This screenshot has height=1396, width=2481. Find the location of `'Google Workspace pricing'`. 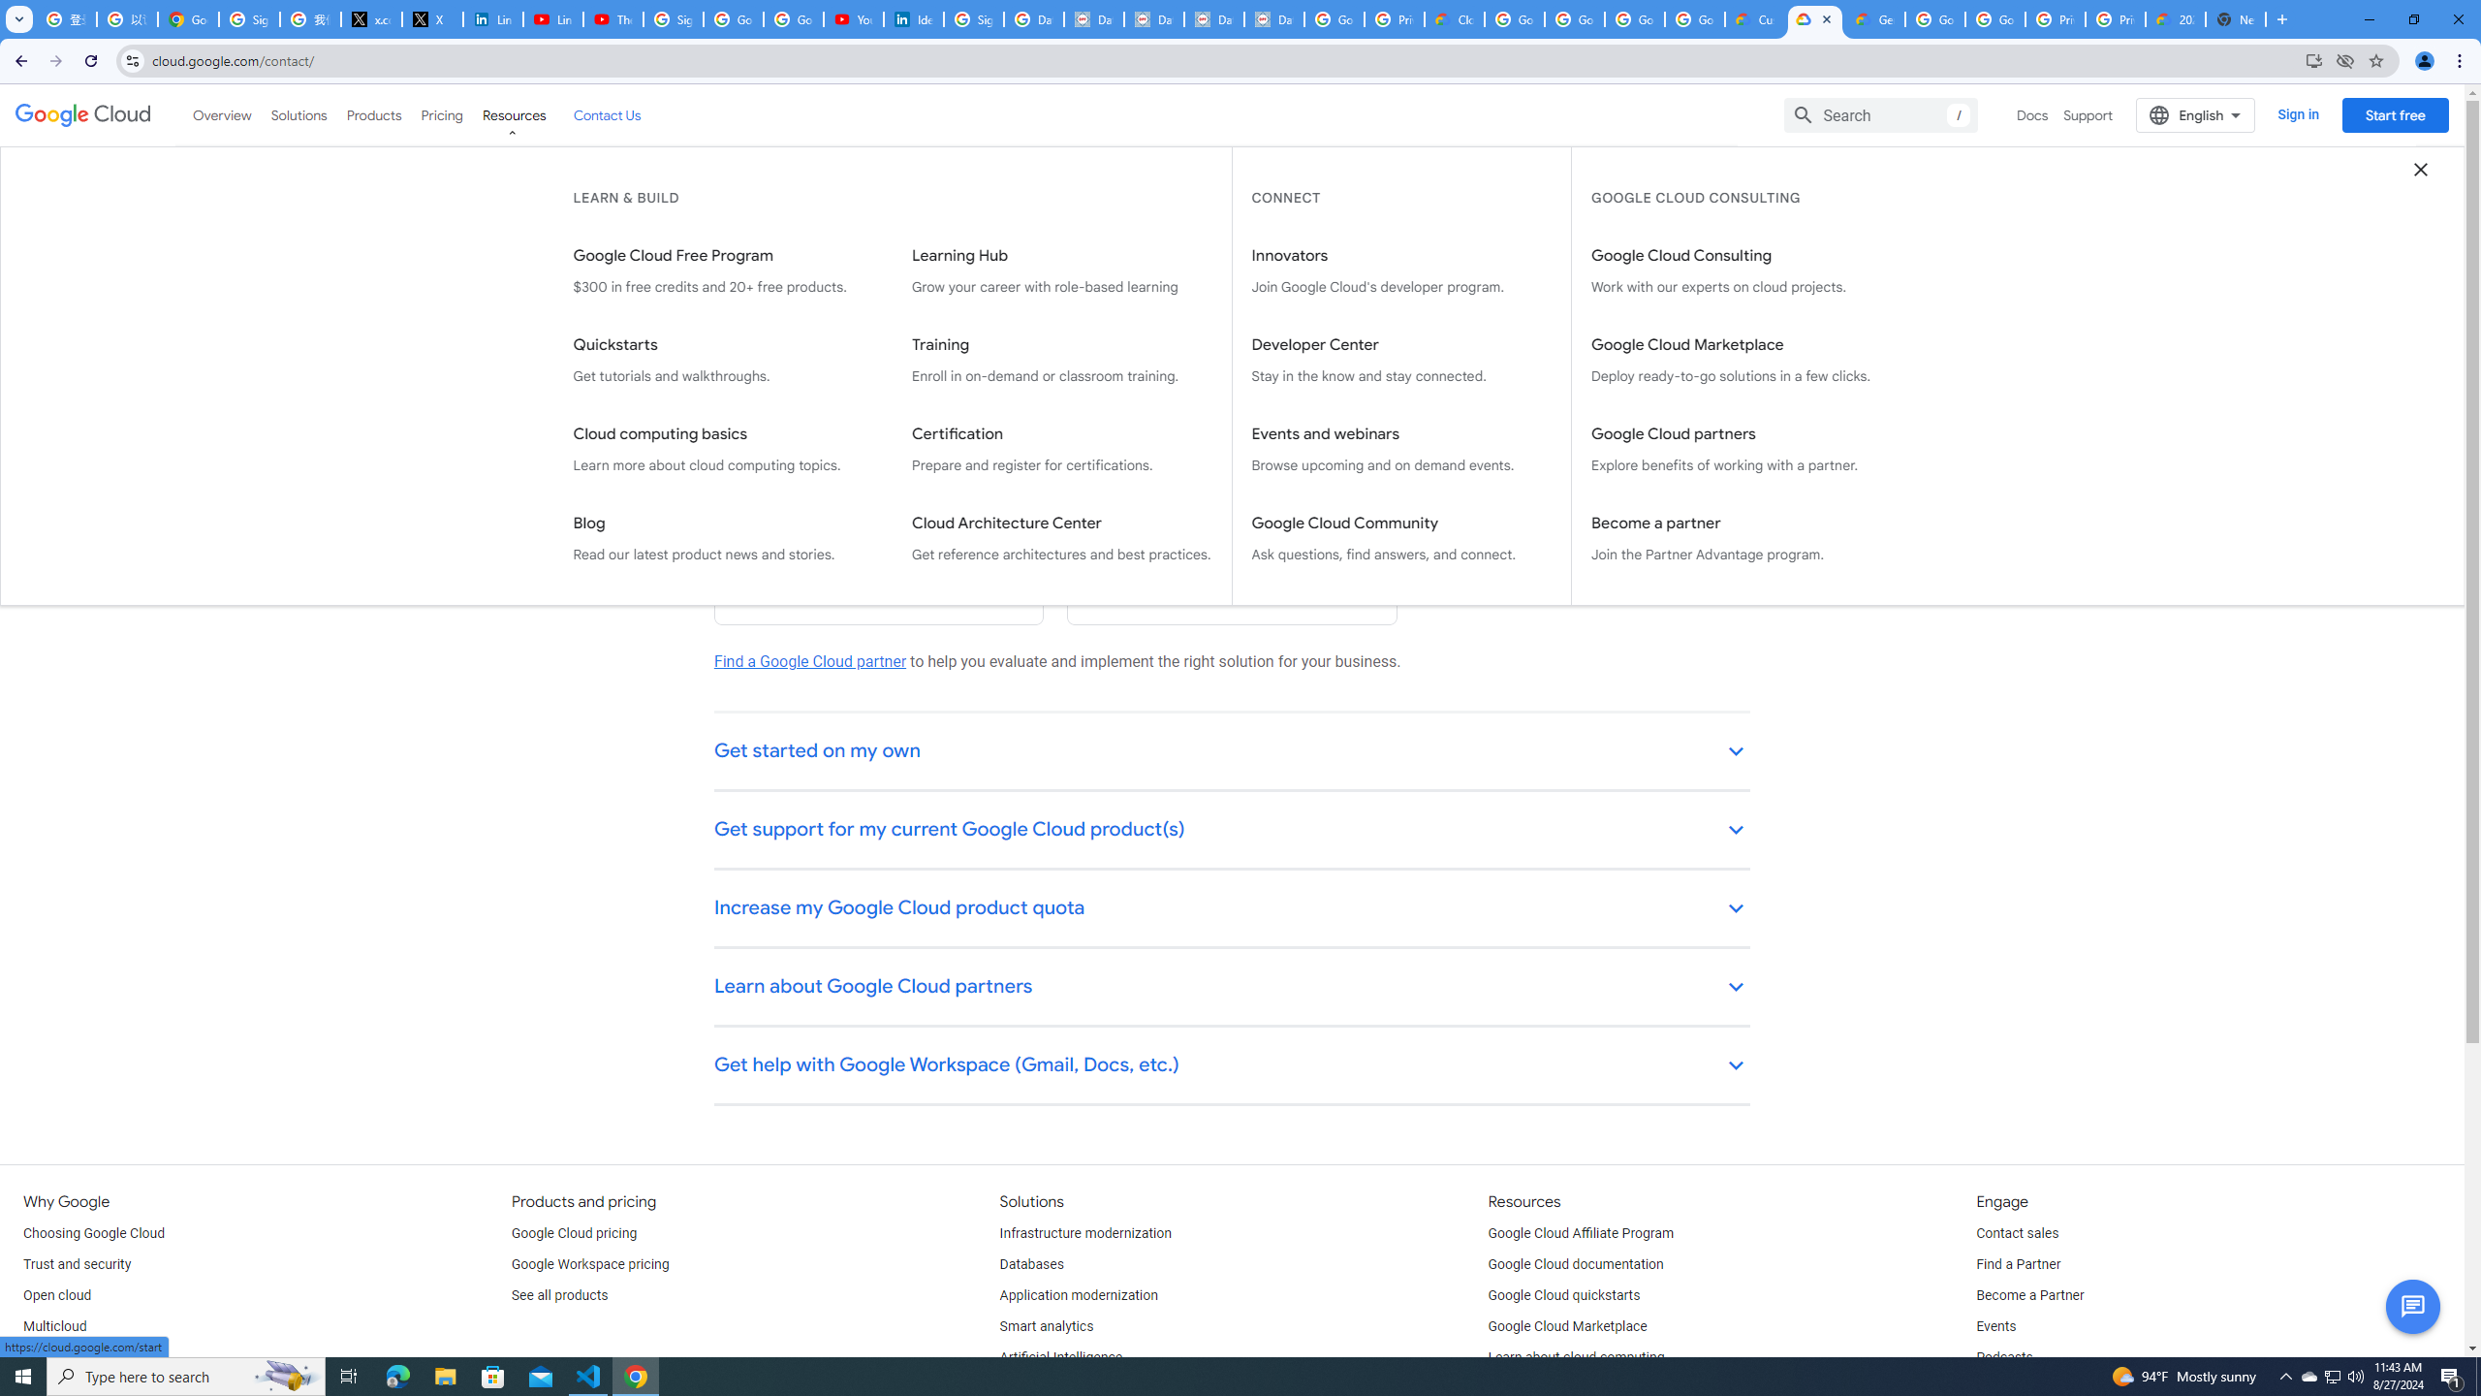

'Google Workspace pricing' is located at coordinates (589, 1263).